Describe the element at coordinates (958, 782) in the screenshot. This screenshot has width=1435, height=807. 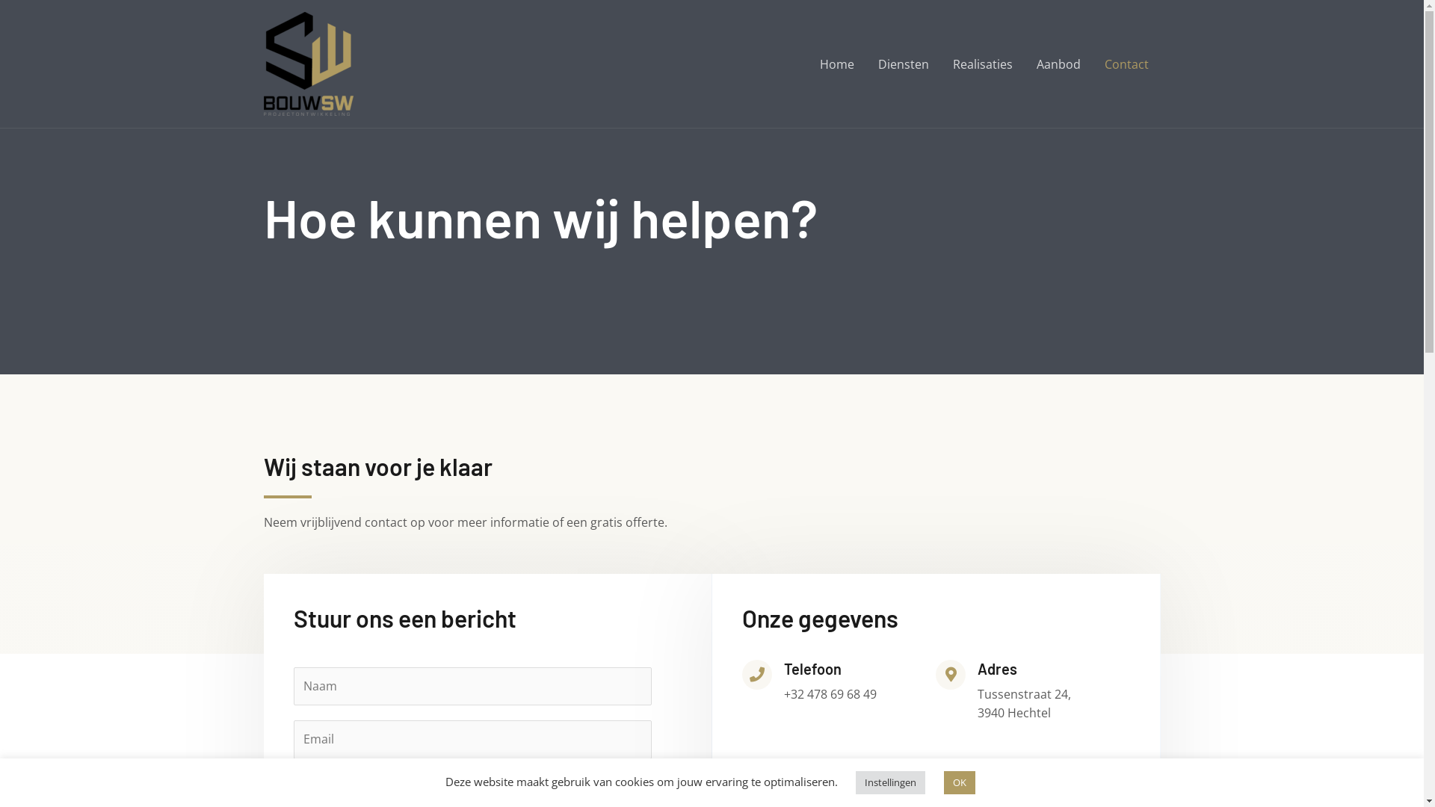
I see `'OK'` at that location.